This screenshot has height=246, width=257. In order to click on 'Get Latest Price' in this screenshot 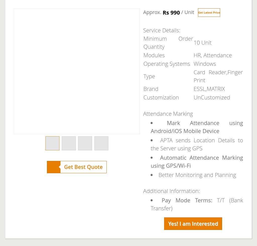, I will do `click(198, 12)`.